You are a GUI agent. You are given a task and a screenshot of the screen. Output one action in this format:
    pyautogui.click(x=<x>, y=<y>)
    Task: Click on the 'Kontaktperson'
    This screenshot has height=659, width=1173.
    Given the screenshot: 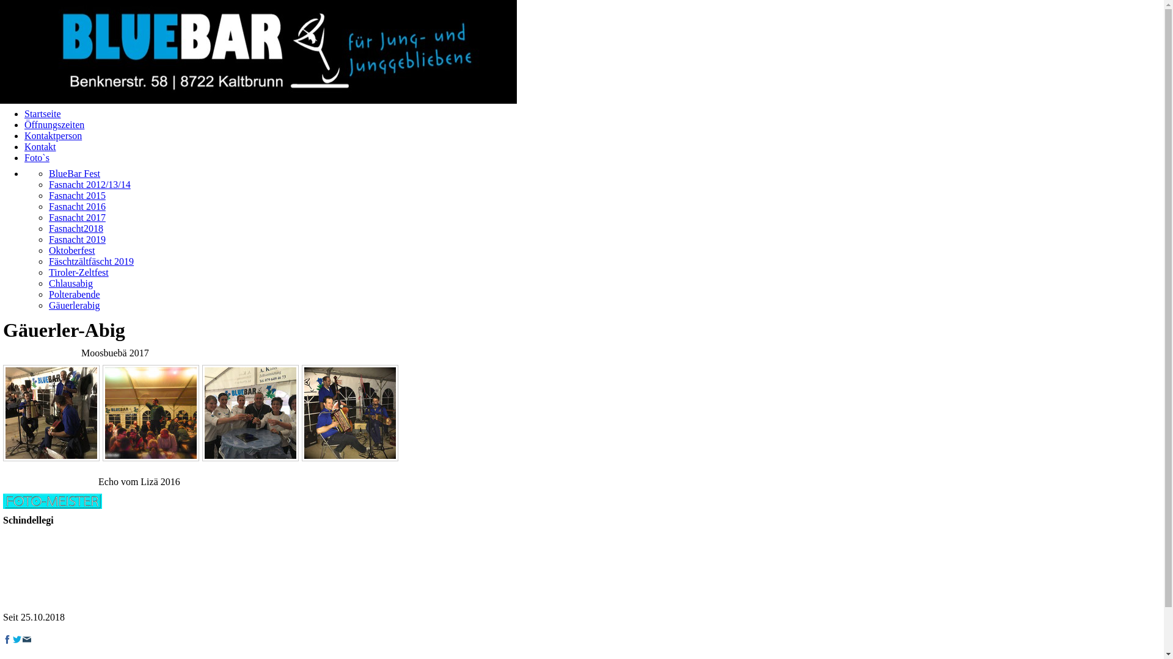 What is the action you would take?
    pyautogui.click(x=52, y=135)
    